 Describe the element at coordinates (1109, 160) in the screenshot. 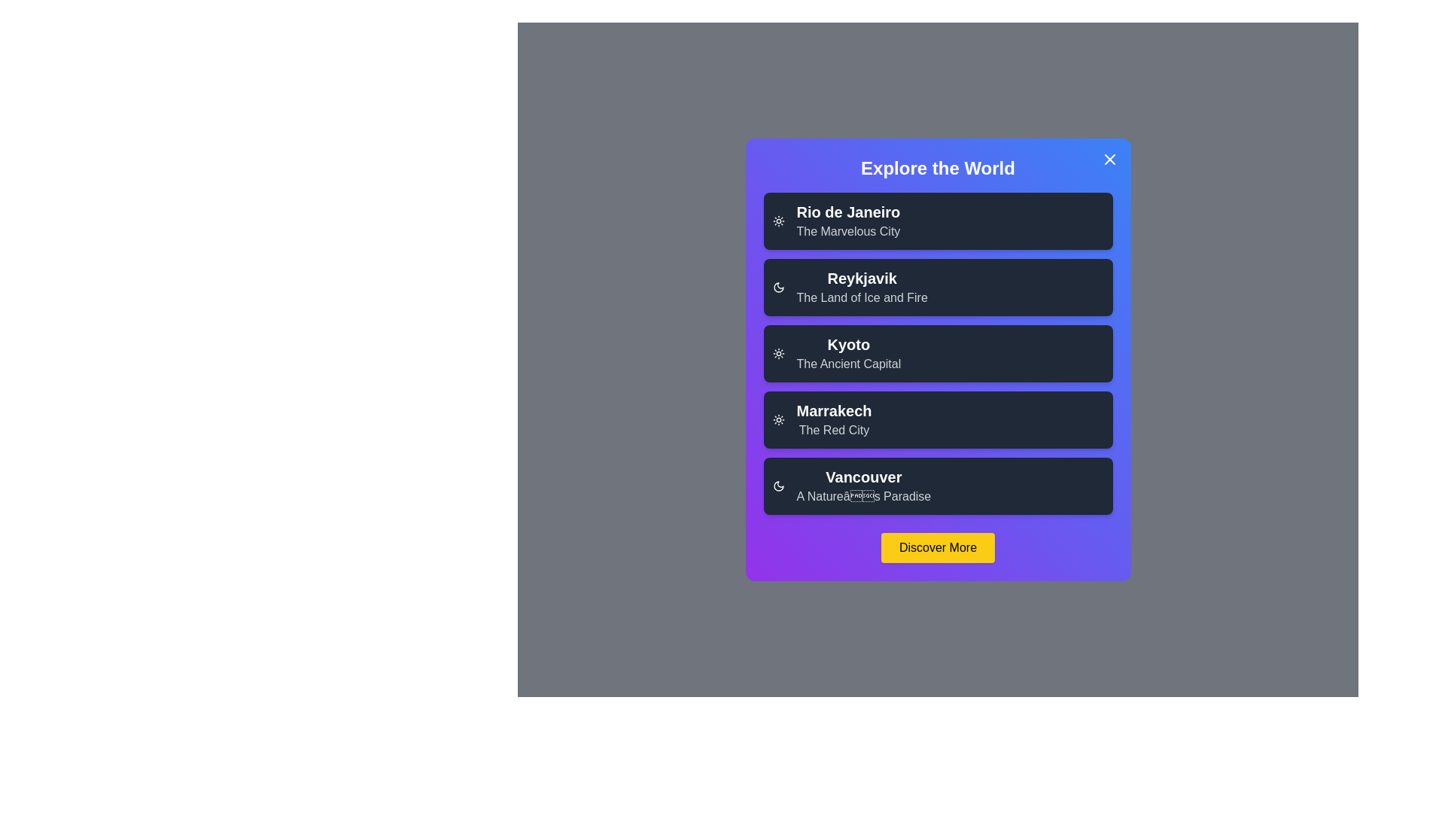

I see `the close button to dismiss the dialog` at that location.